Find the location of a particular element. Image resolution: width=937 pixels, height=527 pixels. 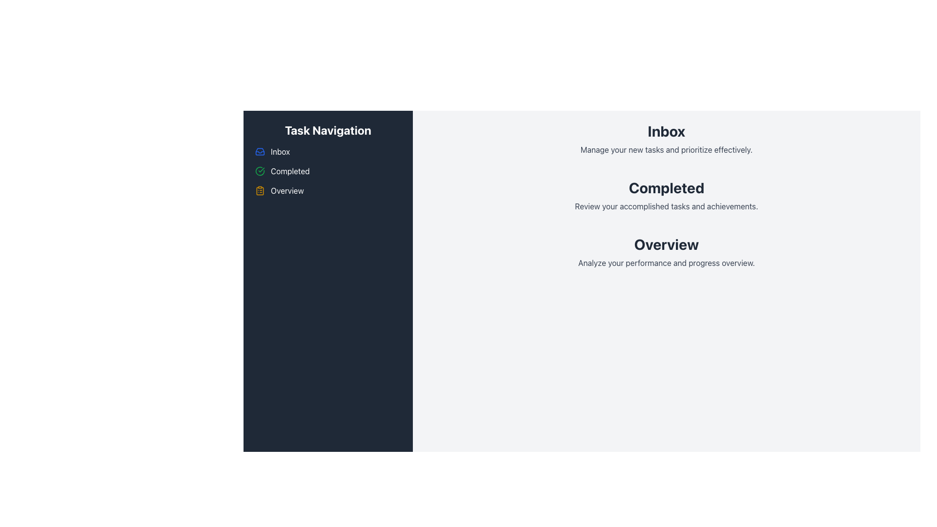

the content associated with the 'Inbox' header, which includes a bold title and a descriptive subtitle, located in the right panel under the 'Task Navigation' sidebar is located at coordinates (666, 139).